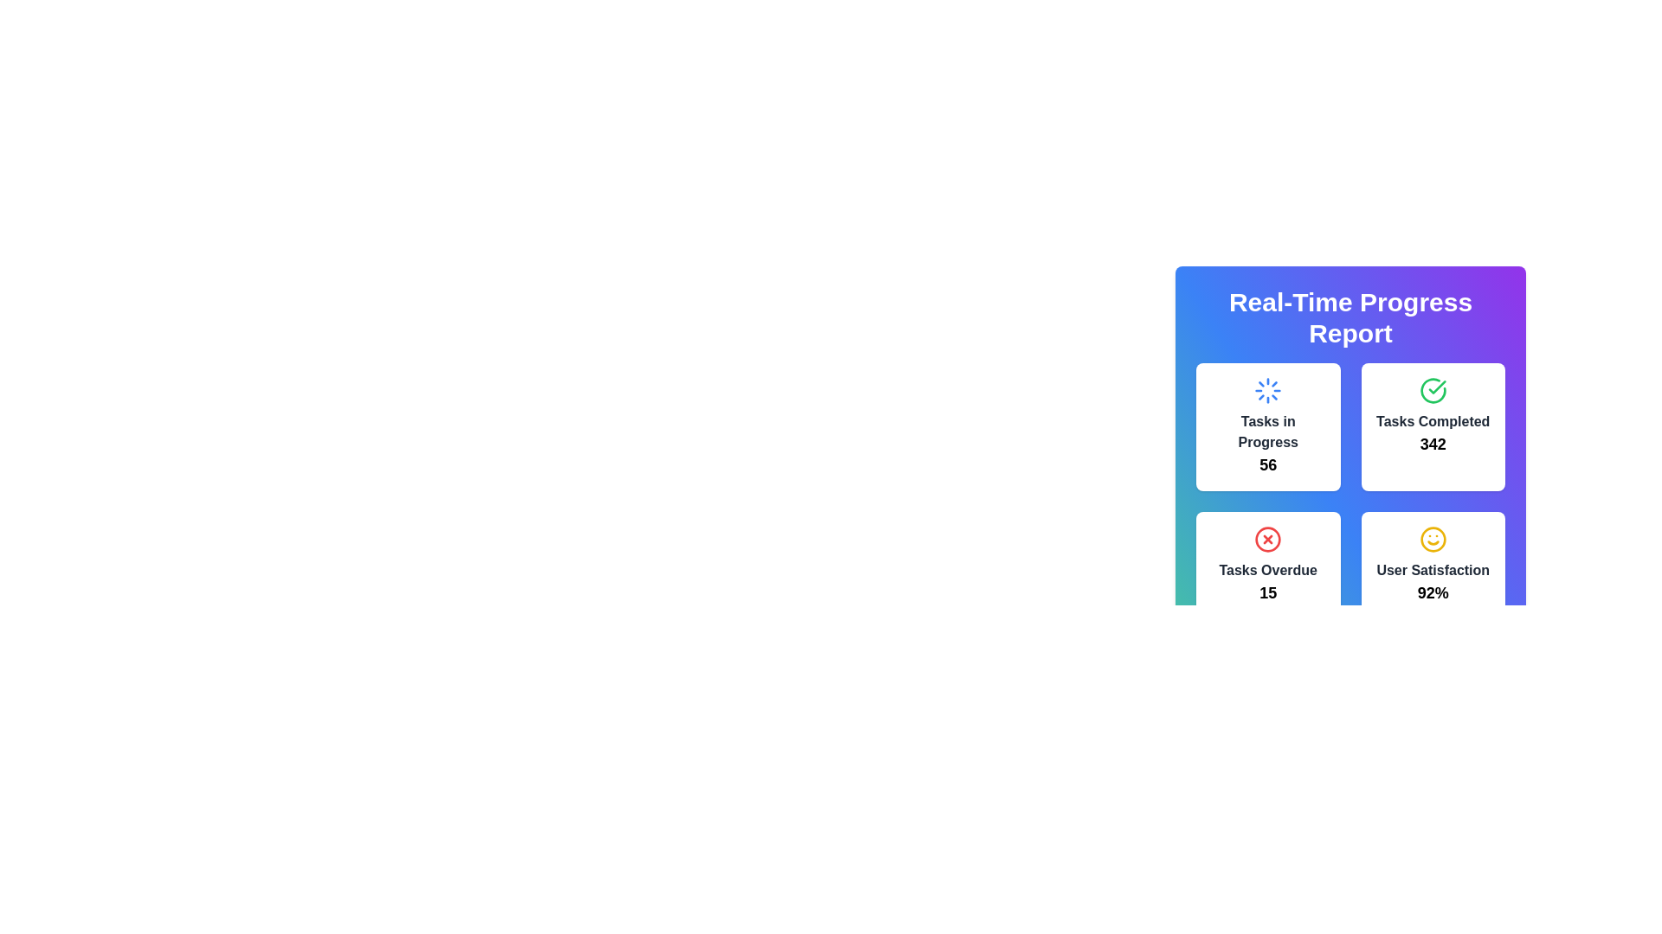 Image resolution: width=1662 pixels, height=934 pixels. What do you see at coordinates (1350, 317) in the screenshot?
I see `the Text header element at the top of the panel, which serves as the title summarizing the purpose of the displayed information` at bounding box center [1350, 317].